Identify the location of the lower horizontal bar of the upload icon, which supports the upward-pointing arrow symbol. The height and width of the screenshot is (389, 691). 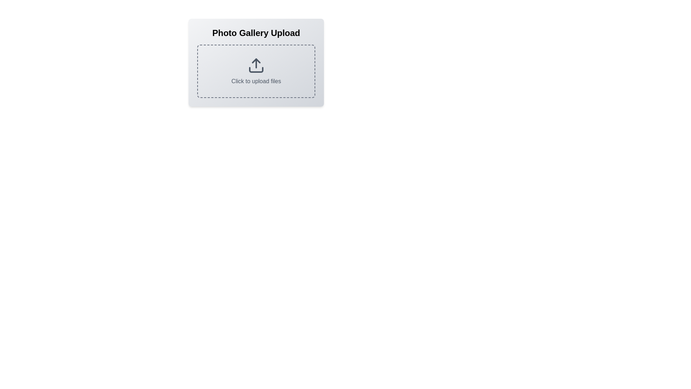
(256, 70).